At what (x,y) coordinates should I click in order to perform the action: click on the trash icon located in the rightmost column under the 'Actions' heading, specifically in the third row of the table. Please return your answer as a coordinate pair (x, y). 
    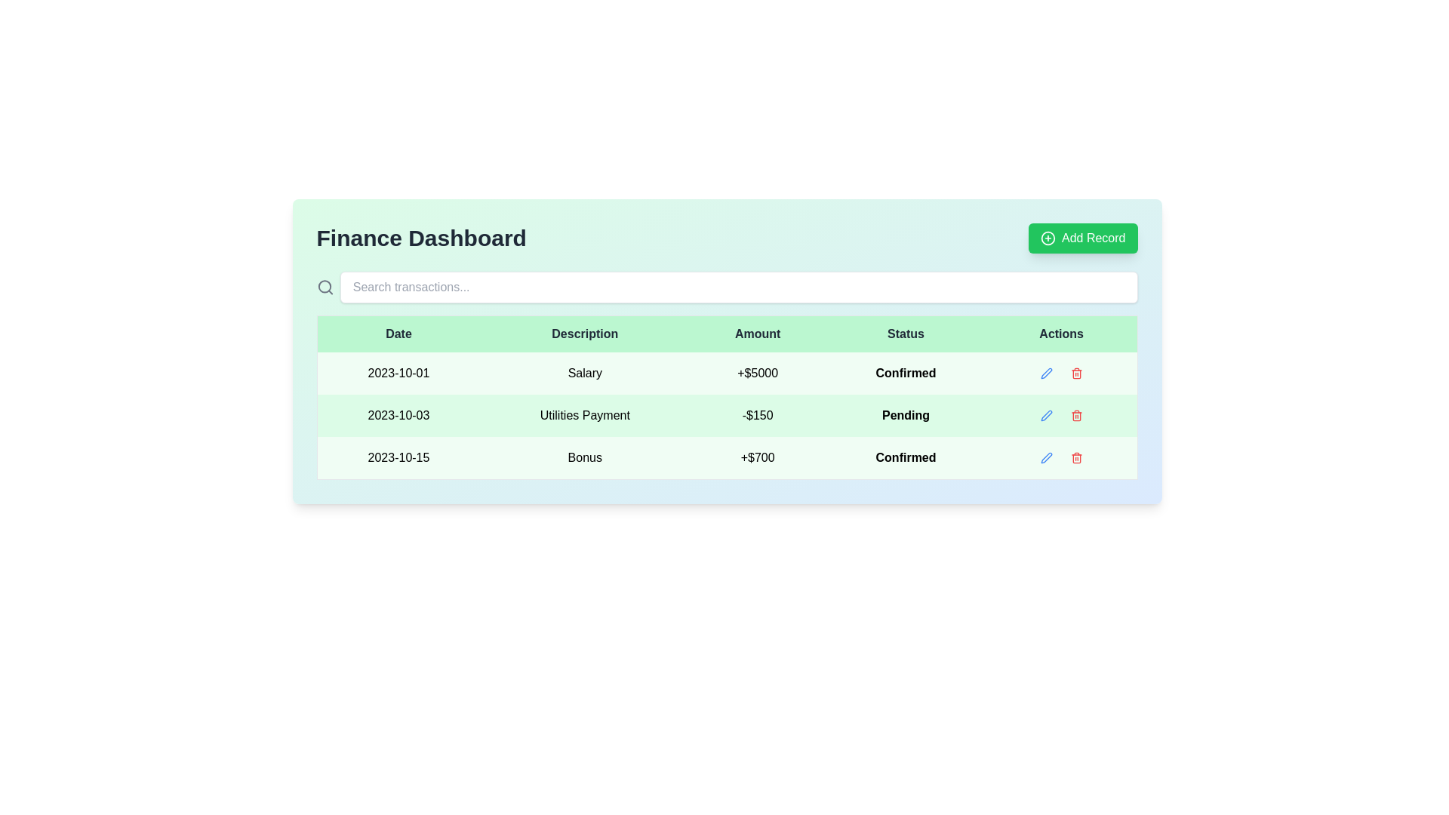
    Looking at the image, I should click on (1075, 458).